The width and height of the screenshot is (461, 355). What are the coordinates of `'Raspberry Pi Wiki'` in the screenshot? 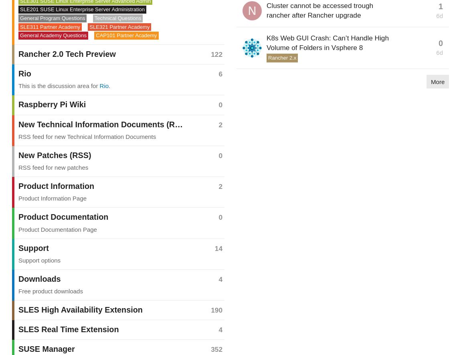 It's located at (18, 104).